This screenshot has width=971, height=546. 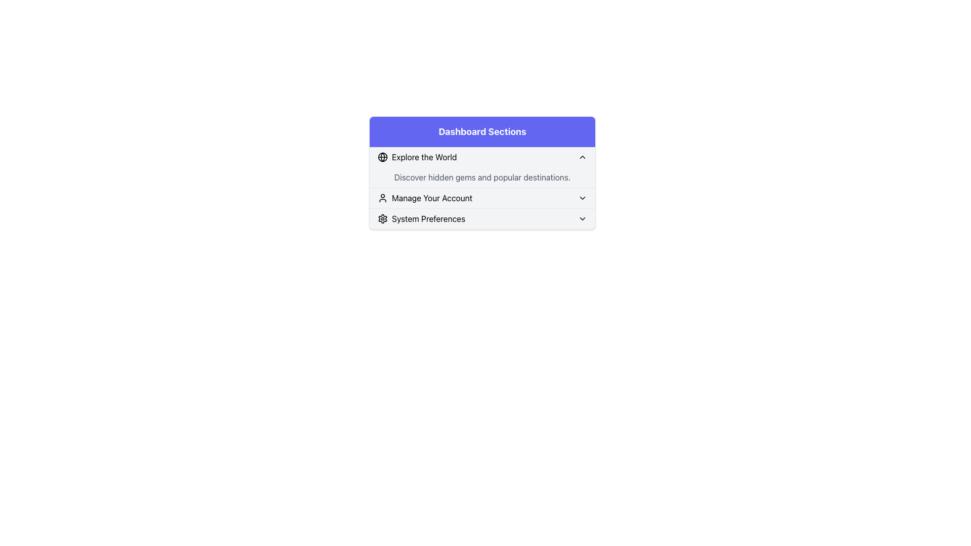 I want to click on the expand/collapse icon at the right edge of the 'Explore the World' section, so click(x=583, y=157).